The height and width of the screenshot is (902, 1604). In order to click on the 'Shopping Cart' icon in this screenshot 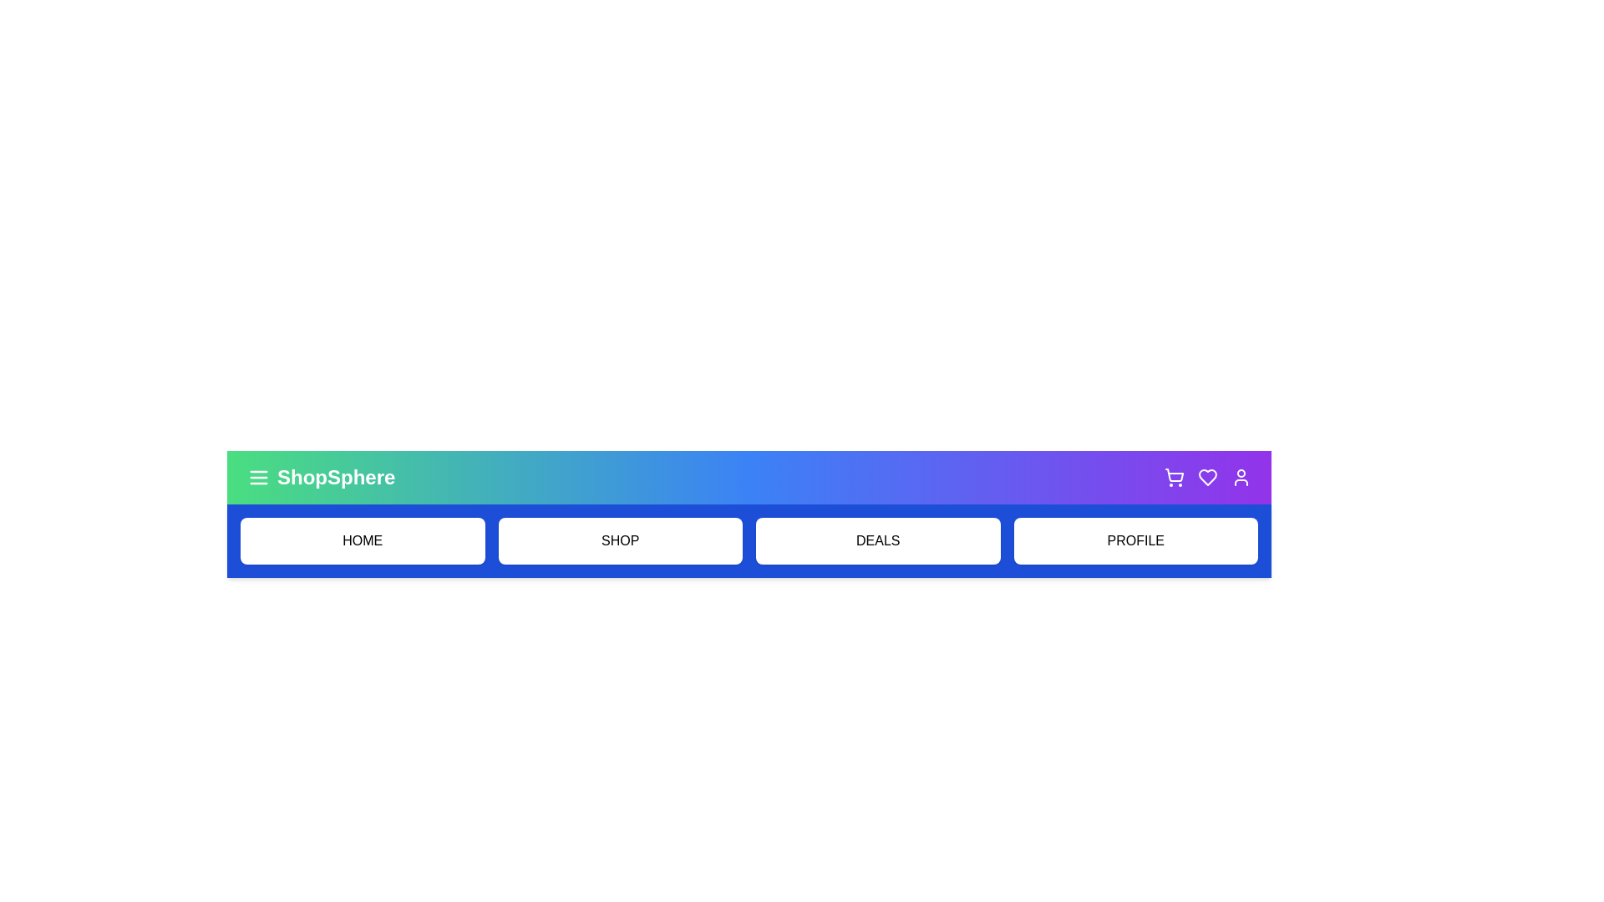, I will do `click(1174, 477)`.